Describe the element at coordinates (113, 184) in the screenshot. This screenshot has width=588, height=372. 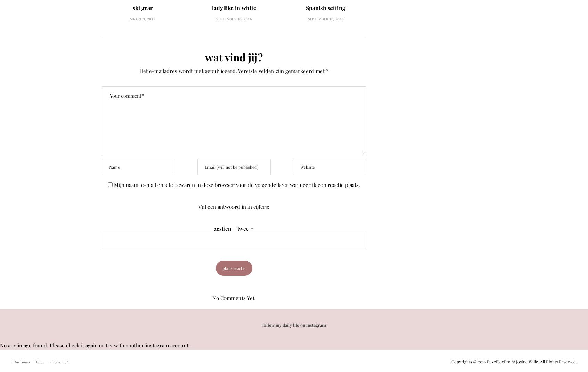
I see `'Mijn naam, e-mail en site bewaren in deze browser voor de volgende keer wanneer ik een reactie plaats.'` at that location.